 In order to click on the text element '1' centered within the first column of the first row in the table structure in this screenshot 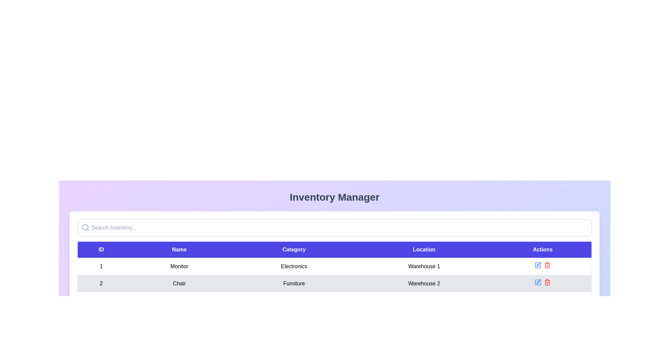, I will do `click(101, 266)`.